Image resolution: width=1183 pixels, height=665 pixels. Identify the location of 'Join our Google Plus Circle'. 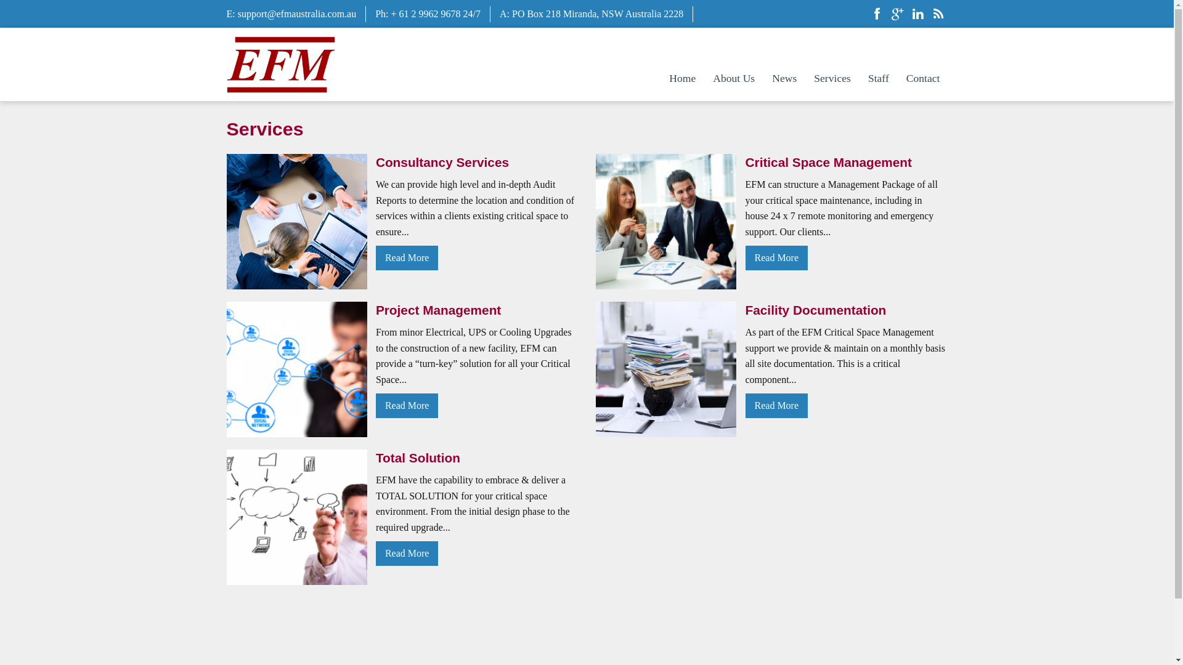
(898, 15).